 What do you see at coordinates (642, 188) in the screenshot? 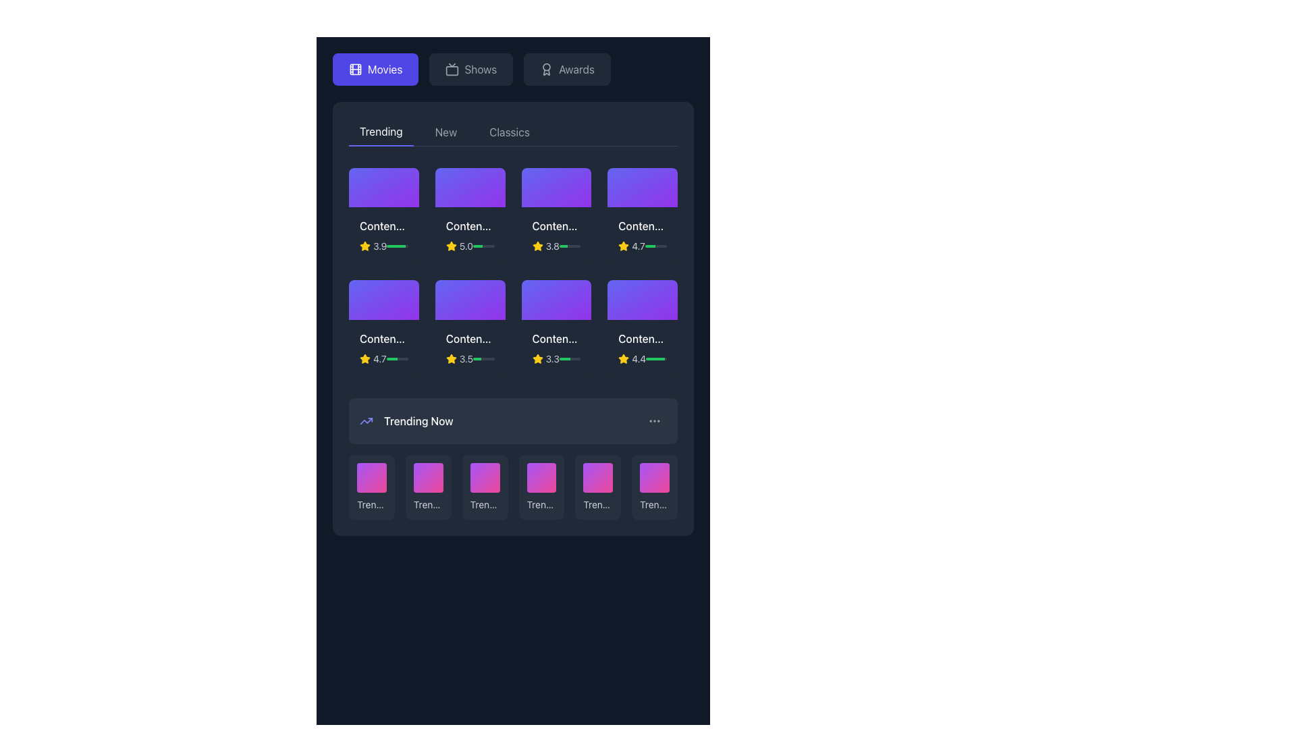
I see `the decorative graphic or thumbnail in the topmost row and fourth column of the 'Trending' section, which has a gradient background from indigo to purple` at bounding box center [642, 188].